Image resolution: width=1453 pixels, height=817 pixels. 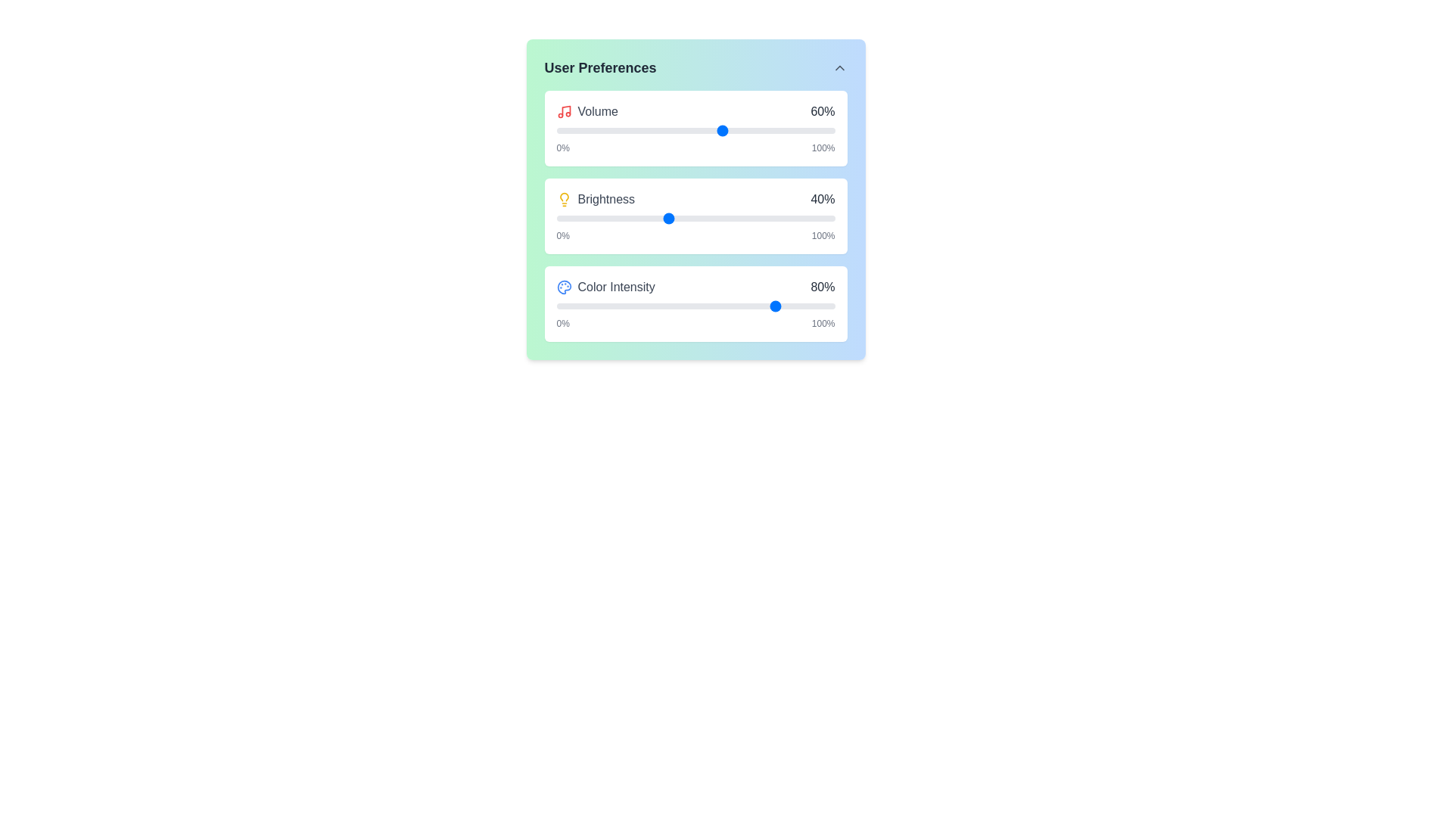 I want to click on the 'Volume' label with a red musical note icon located in the upper-left section of the 'User Preferences' card, so click(x=586, y=110).